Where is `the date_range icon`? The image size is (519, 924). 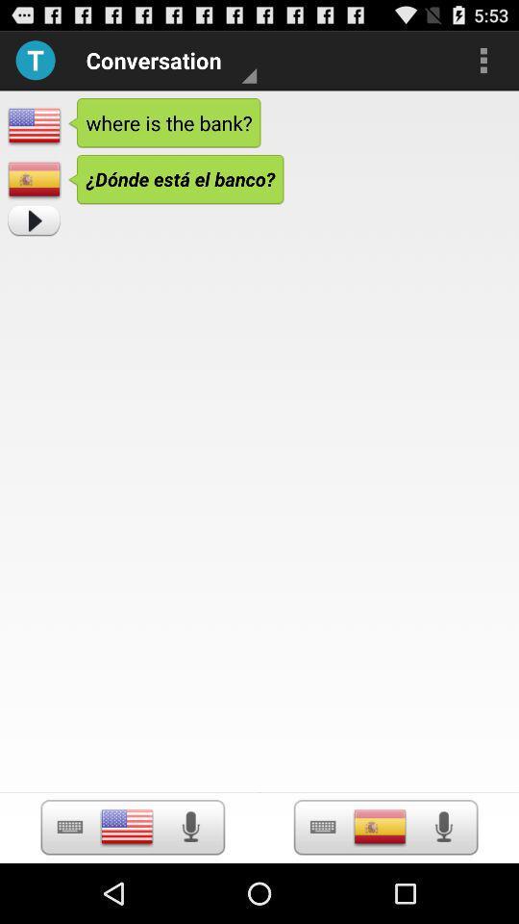 the date_range icon is located at coordinates (68, 885).